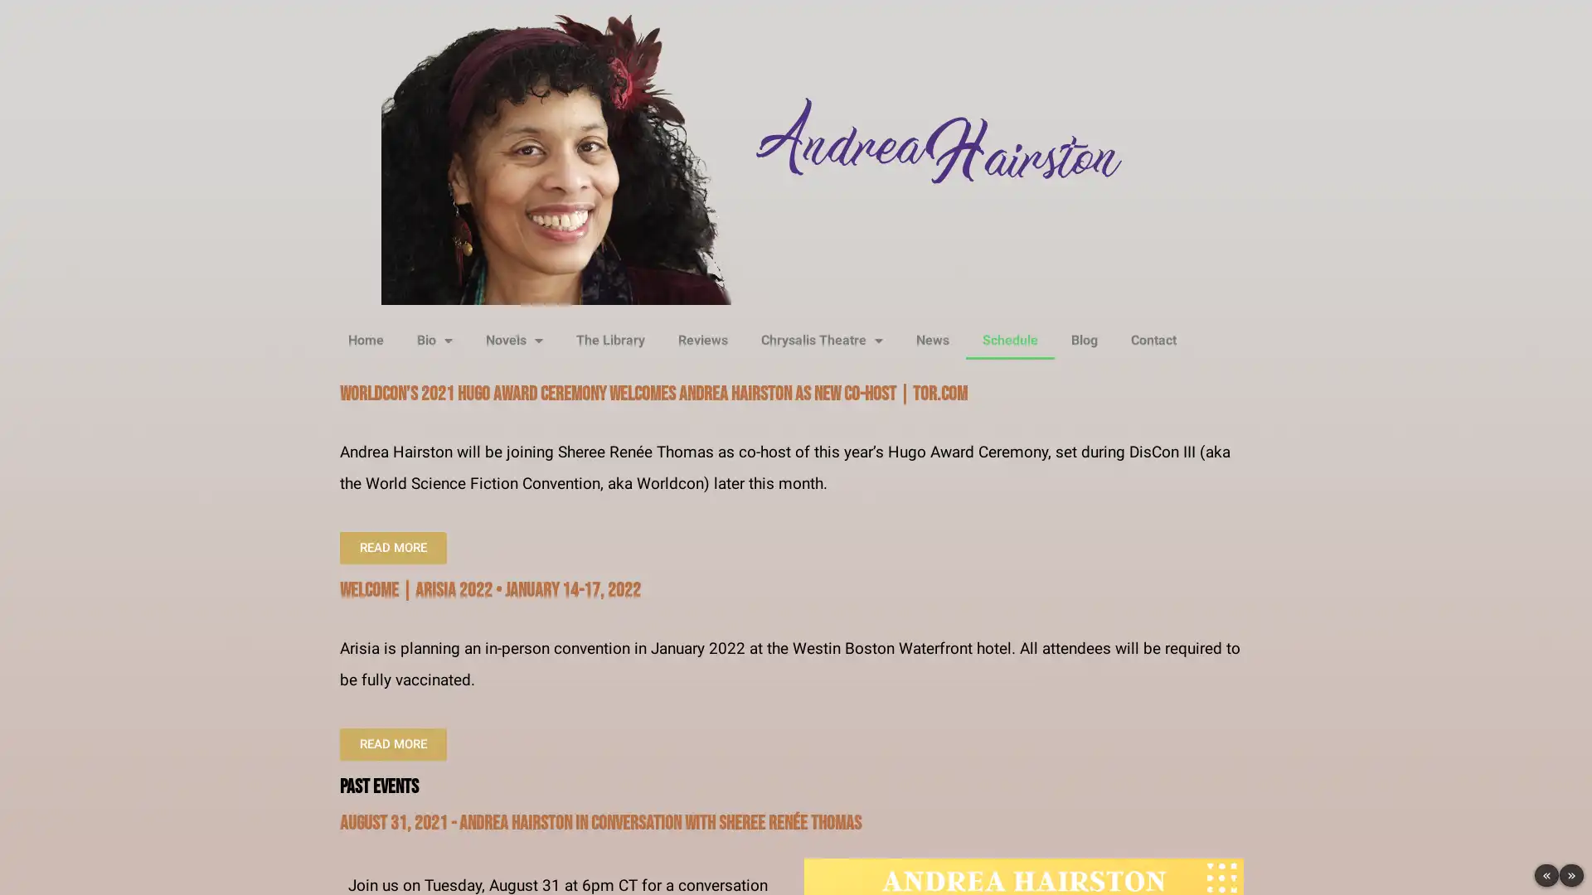 The image size is (1592, 895). I want to click on READ MORE, so click(392, 743).